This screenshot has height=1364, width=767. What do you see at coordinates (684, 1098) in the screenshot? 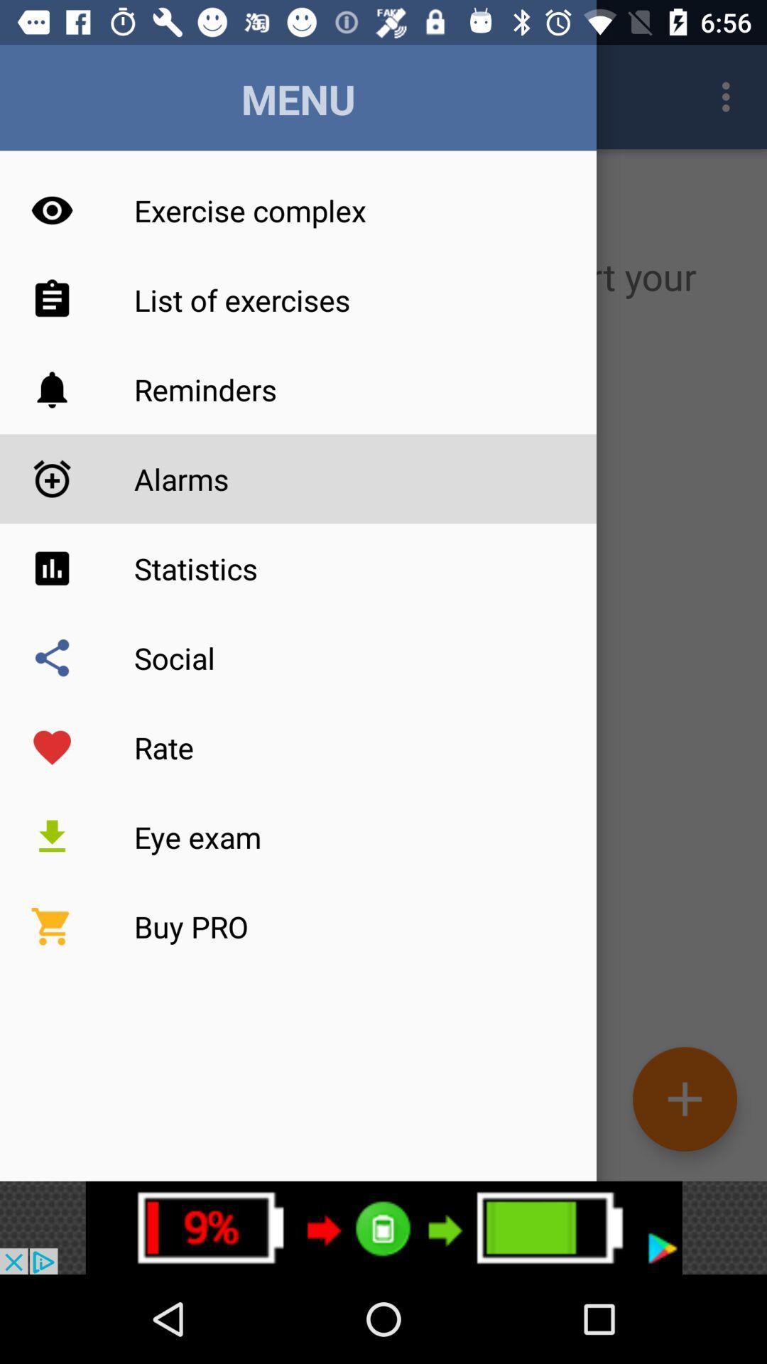
I see `the add icon` at bounding box center [684, 1098].